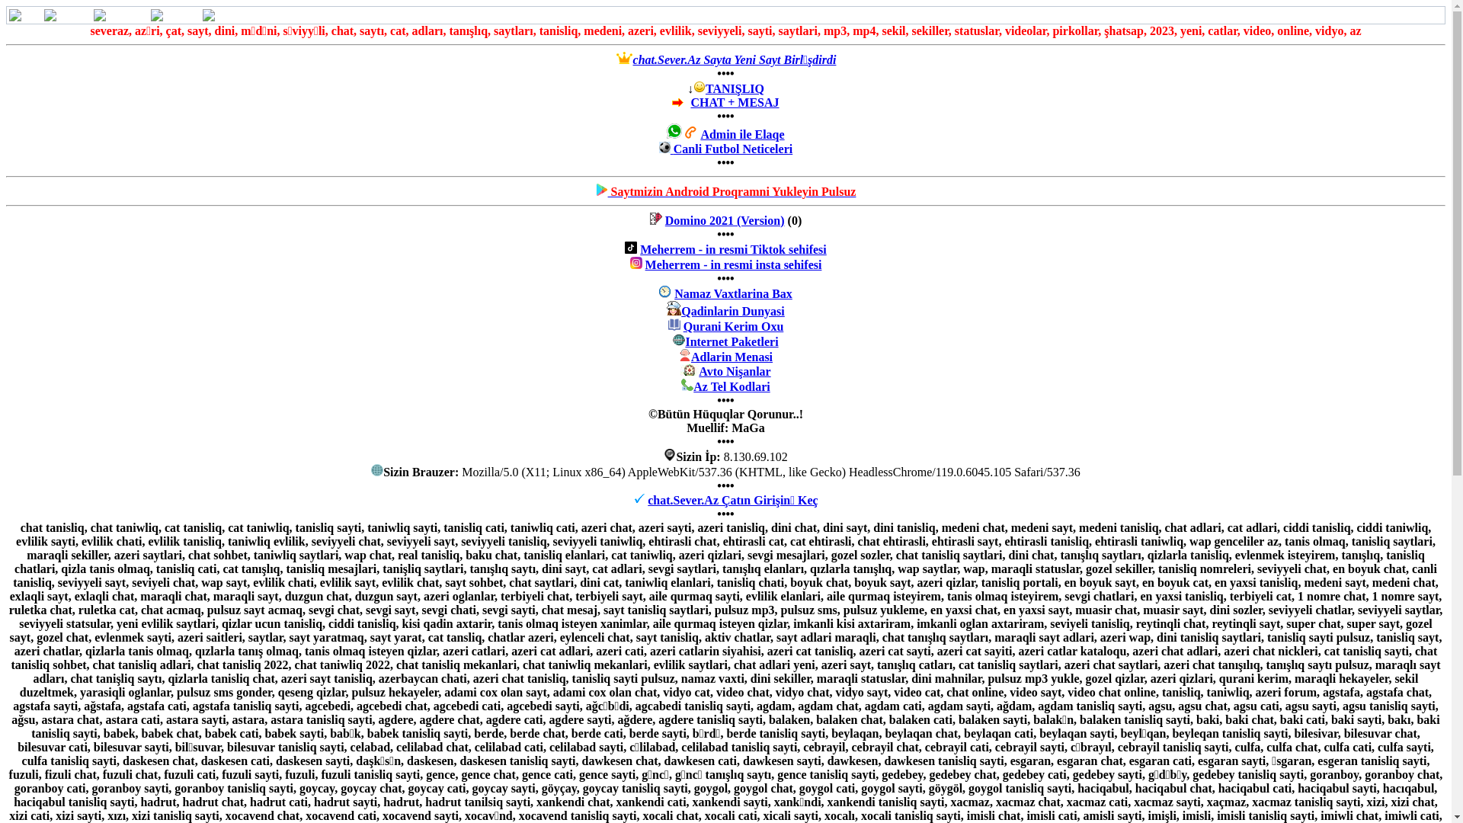 The width and height of the screenshot is (1463, 823). What do you see at coordinates (721, 141) in the screenshot?
I see `'Admin ile Elaqe'` at bounding box center [721, 141].